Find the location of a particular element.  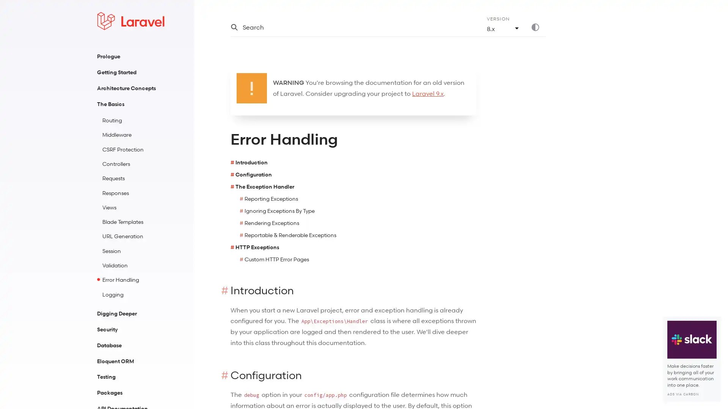

Switch to dark mode is located at coordinates (538, 27).